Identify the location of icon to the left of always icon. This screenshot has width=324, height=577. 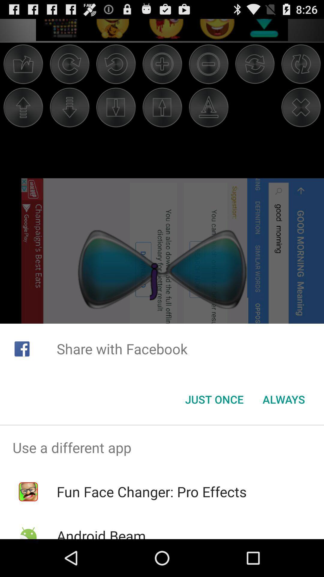
(214, 399).